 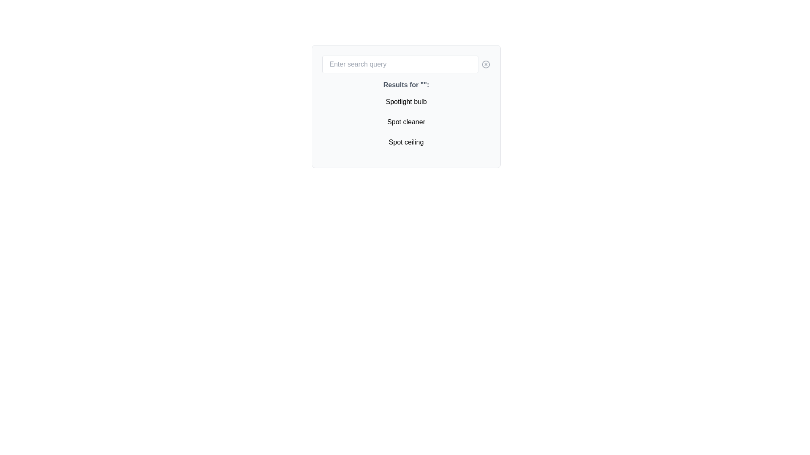 I want to click on the text label reading 'Spot cleaner', so click(x=406, y=122).